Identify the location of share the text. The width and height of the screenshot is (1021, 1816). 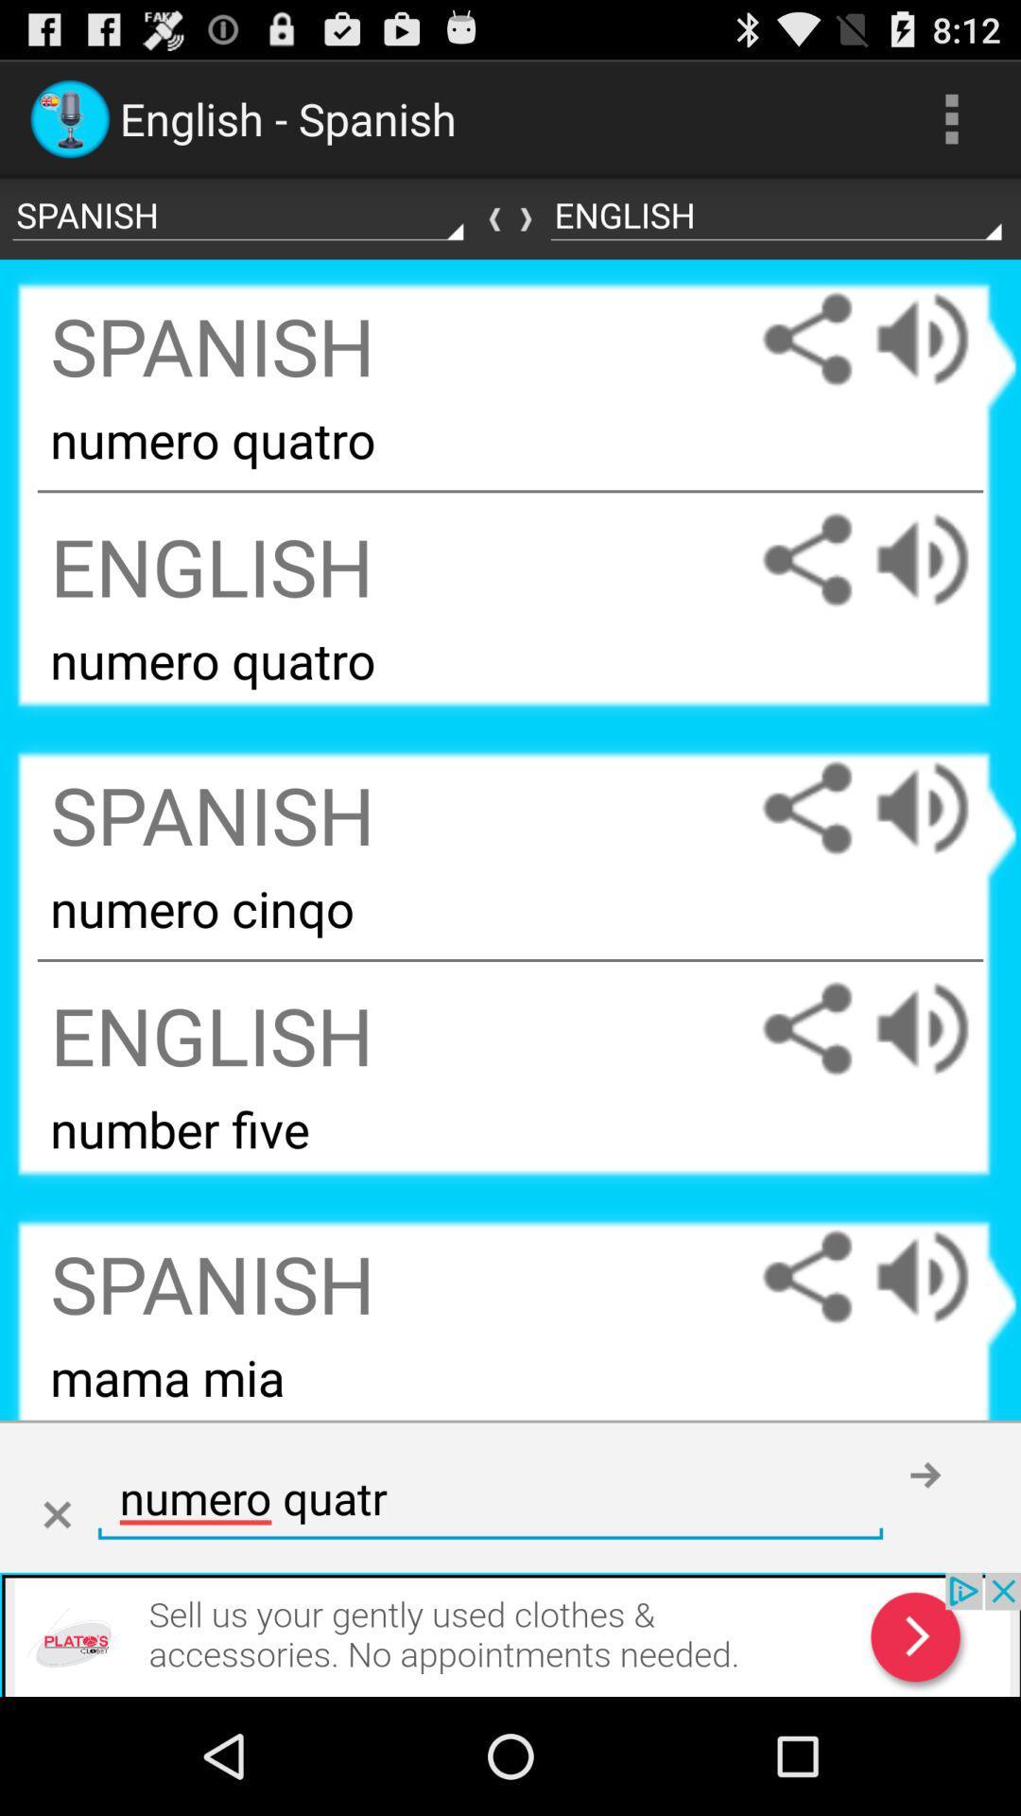
(806, 1277).